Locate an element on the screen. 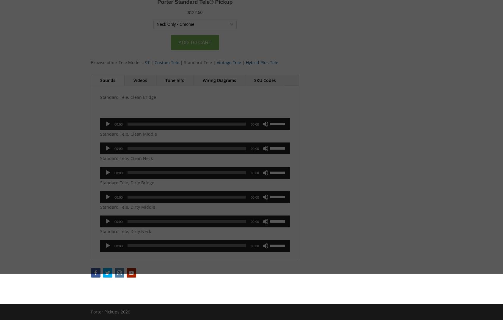  'Standard Tele, Dirty Middle' is located at coordinates (127, 207).